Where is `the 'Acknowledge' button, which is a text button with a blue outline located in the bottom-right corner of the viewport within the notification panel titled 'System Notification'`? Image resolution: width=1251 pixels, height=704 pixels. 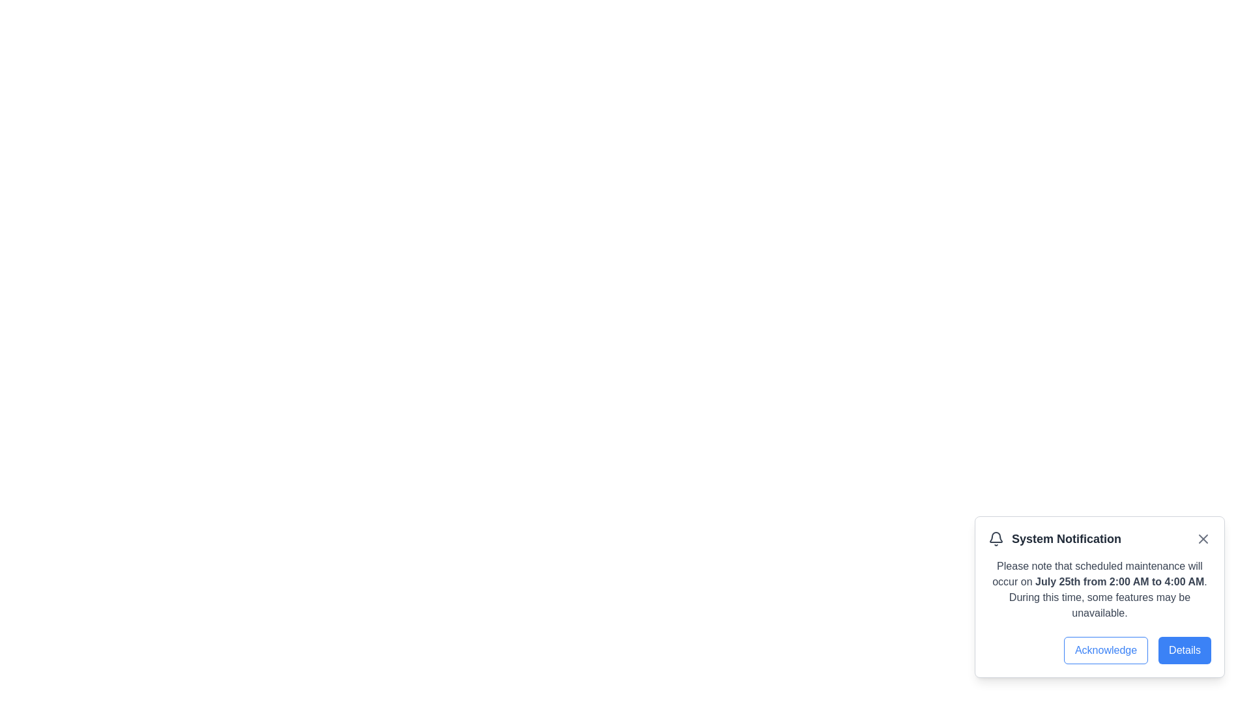
the 'Acknowledge' button, which is a text button with a blue outline located in the bottom-right corner of the viewport within the notification panel titled 'System Notification' is located at coordinates (1099, 651).